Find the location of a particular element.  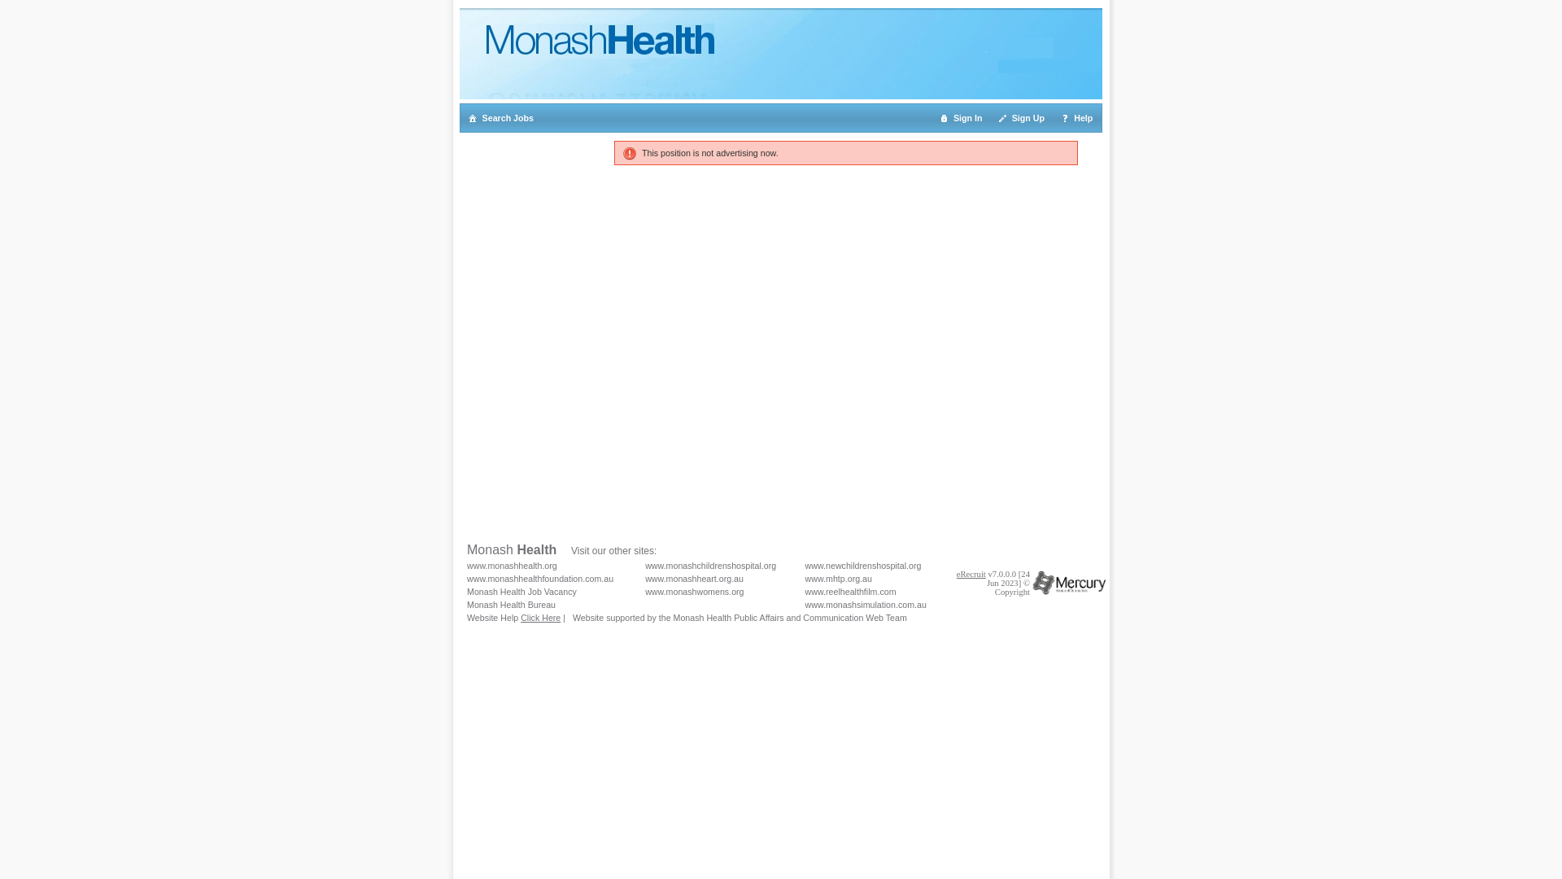

'Sign Up' is located at coordinates (1021, 117).